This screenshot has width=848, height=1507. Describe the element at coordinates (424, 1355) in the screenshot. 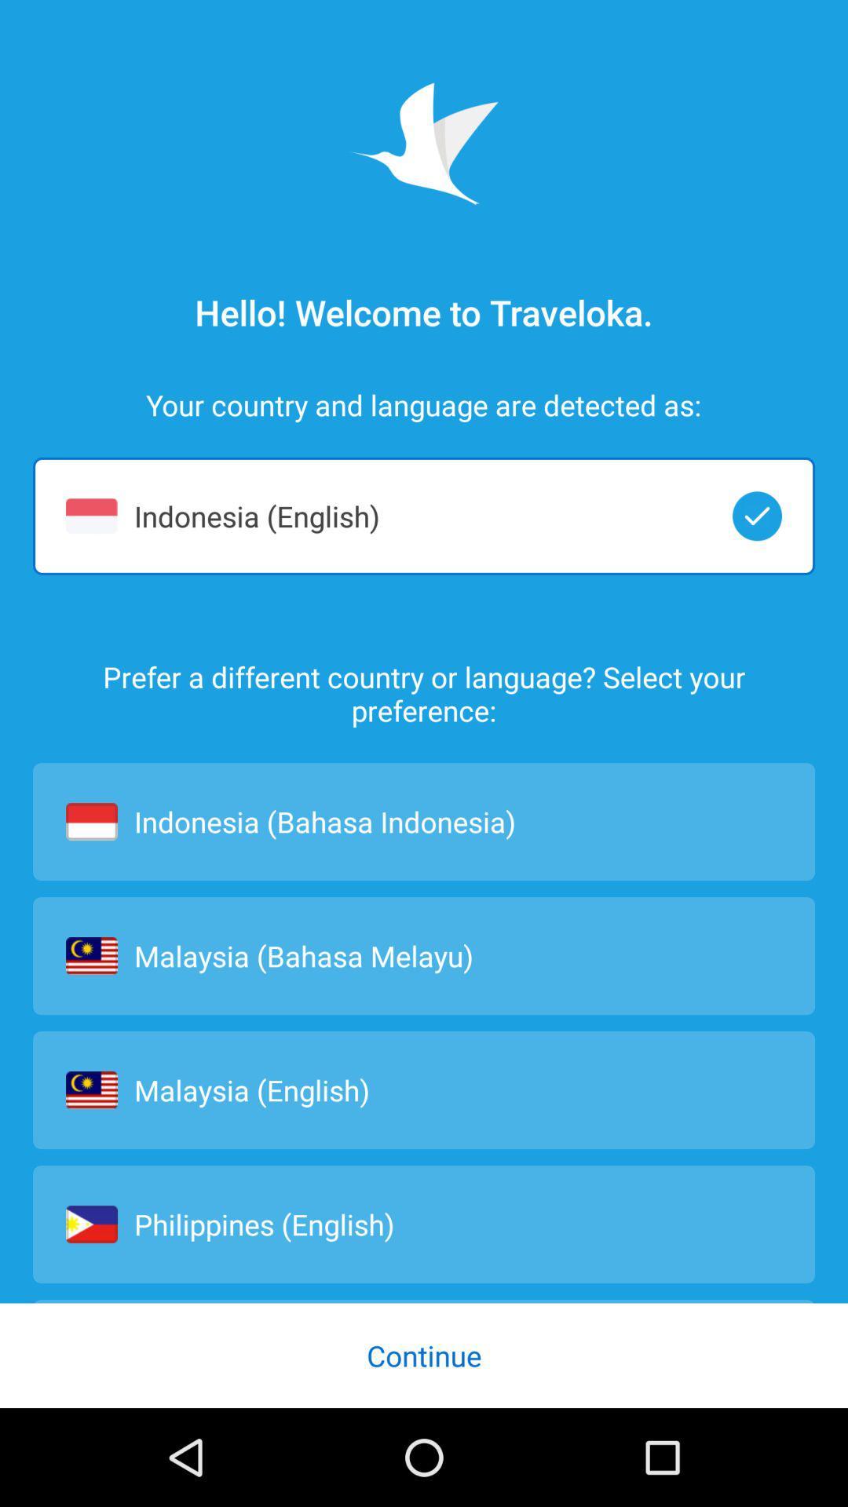

I see `the continue icon` at that location.